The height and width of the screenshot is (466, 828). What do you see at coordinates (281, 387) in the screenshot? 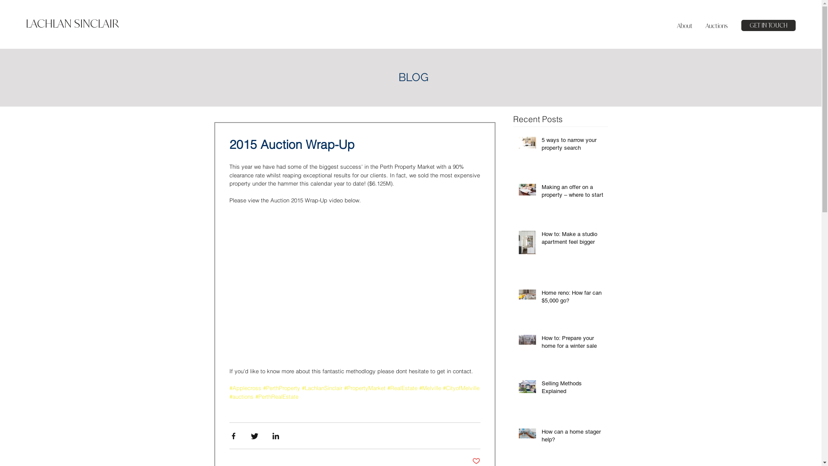
I see `'#PerthProperty'` at bounding box center [281, 387].